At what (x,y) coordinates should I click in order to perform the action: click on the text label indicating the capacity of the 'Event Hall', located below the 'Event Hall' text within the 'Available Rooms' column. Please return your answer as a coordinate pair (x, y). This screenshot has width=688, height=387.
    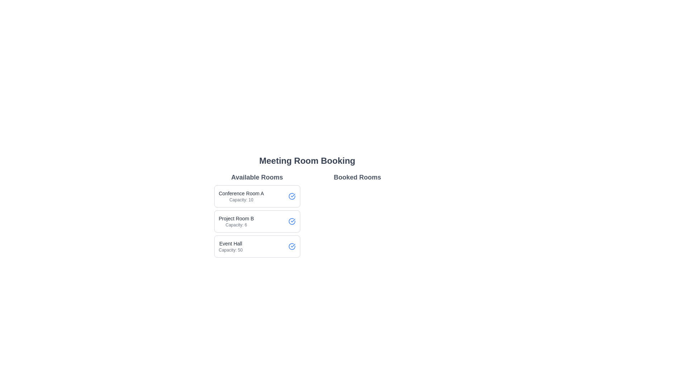
    Looking at the image, I should click on (230, 250).